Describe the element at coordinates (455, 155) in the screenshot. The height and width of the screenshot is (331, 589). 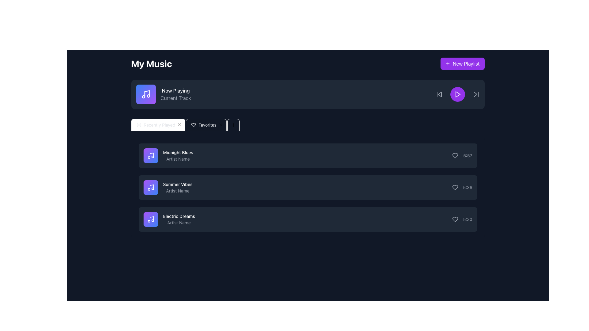
I see `the heart-shaped favorite icon located to the left of the timestamp '5:57' in the media list` at that location.